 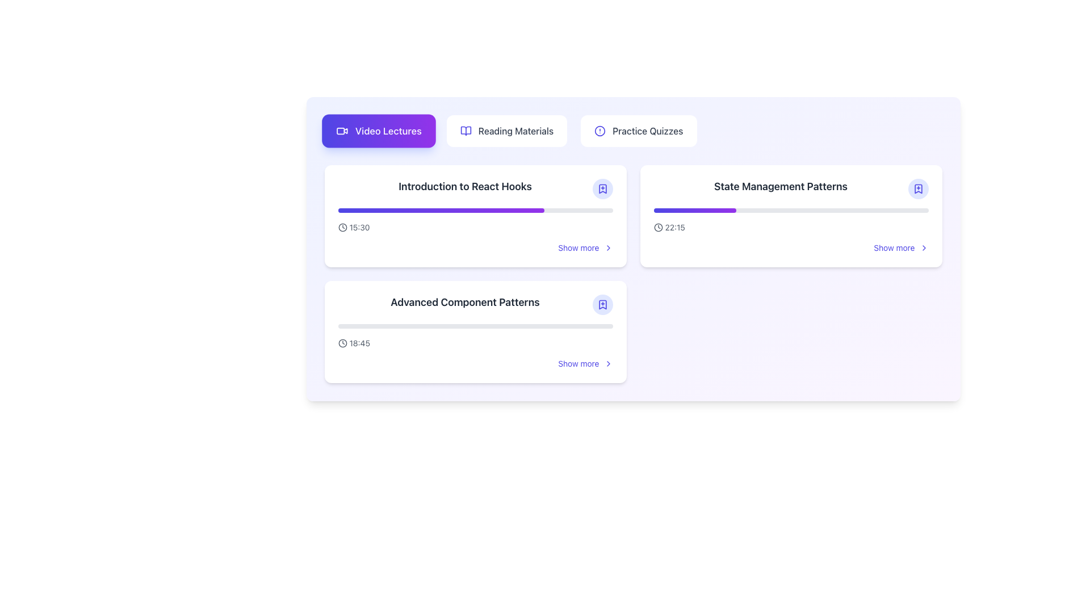 I want to click on the button that reveals additional content for the 'Introduction to React Hooks' section to observe visual changes, so click(x=585, y=247).